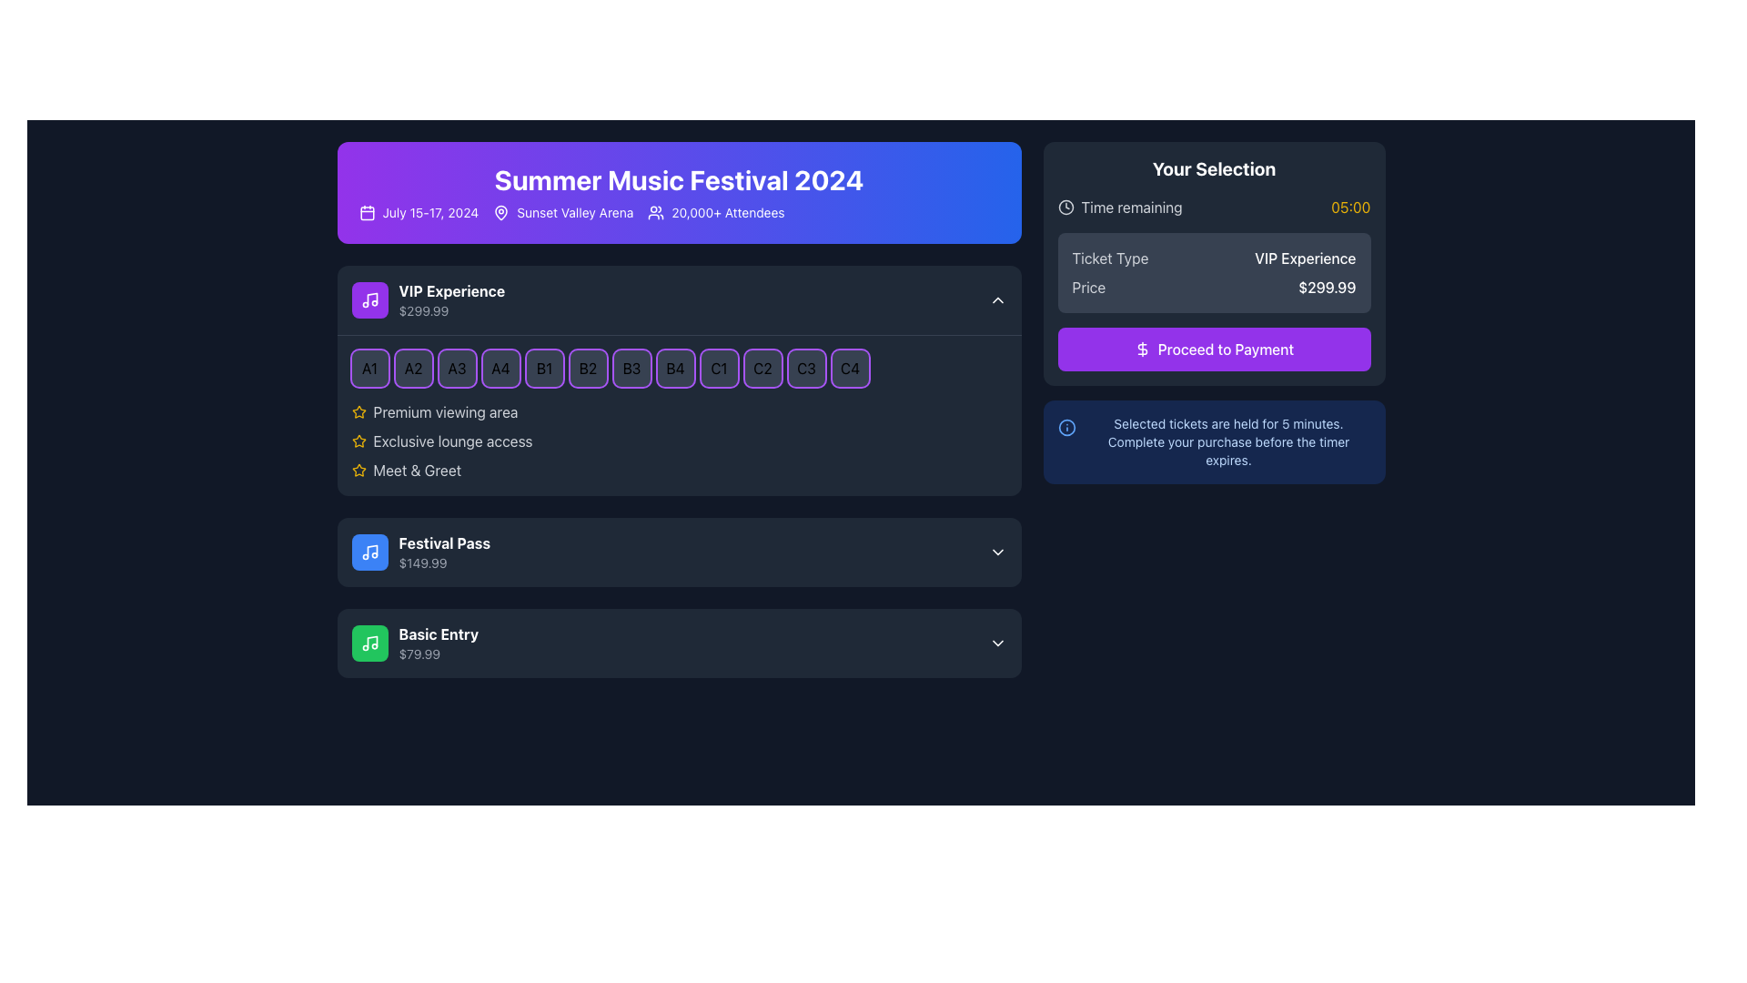  Describe the element at coordinates (718, 369) in the screenshot. I see `the square button with rounded corners labeled 'C1'` at that location.